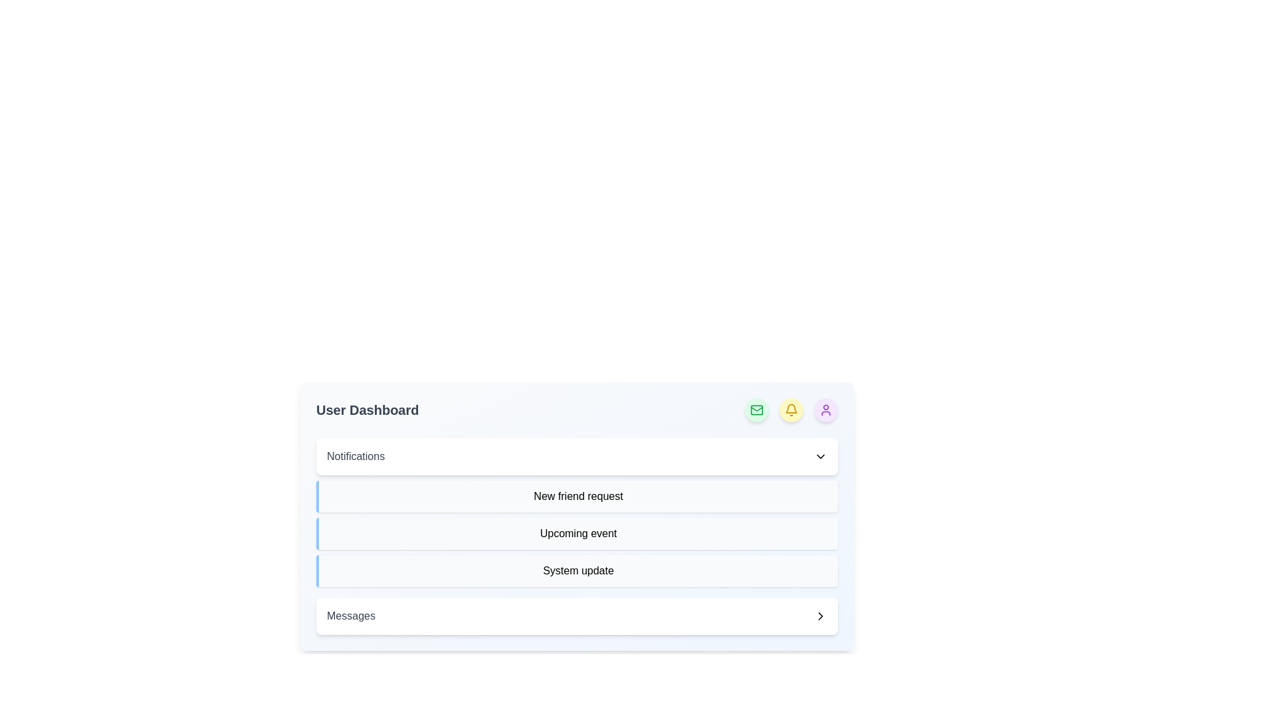 The width and height of the screenshot is (1276, 718). What do you see at coordinates (825, 410) in the screenshot?
I see `the purple user icon, which is a circular SVG icon resembling a person, located in the top-right corner of the User Dashboard interface` at bounding box center [825, 410].